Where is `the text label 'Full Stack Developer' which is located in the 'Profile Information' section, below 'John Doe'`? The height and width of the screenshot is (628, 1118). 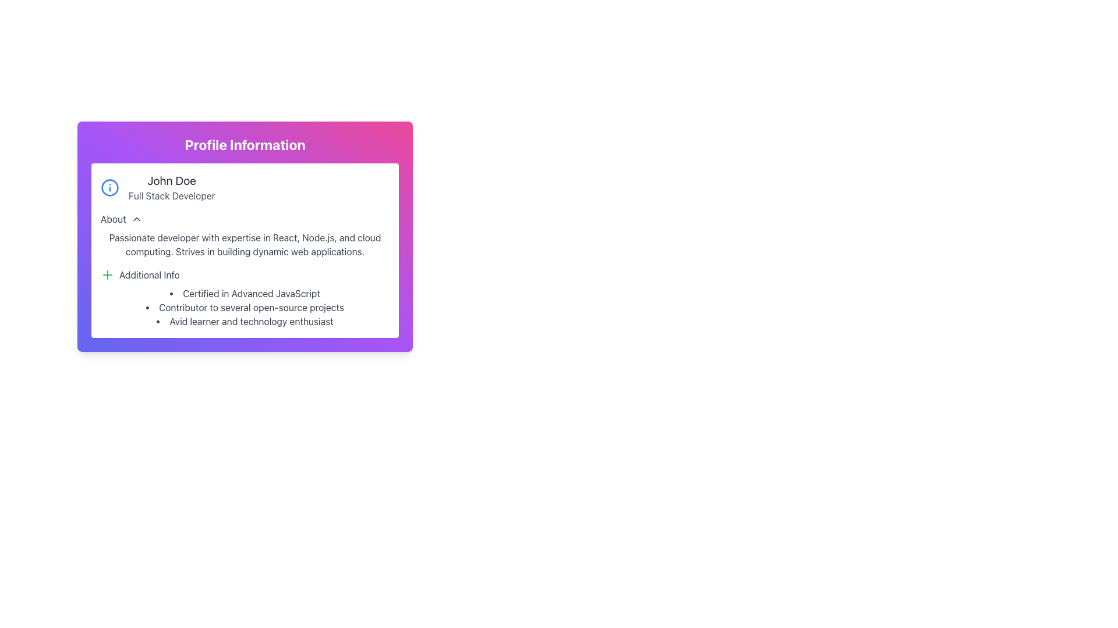
the text label 'Full Stack Developer' which is located in the 'Profile Information' section, below 'John Doe' is located at coordinates (171, 195).